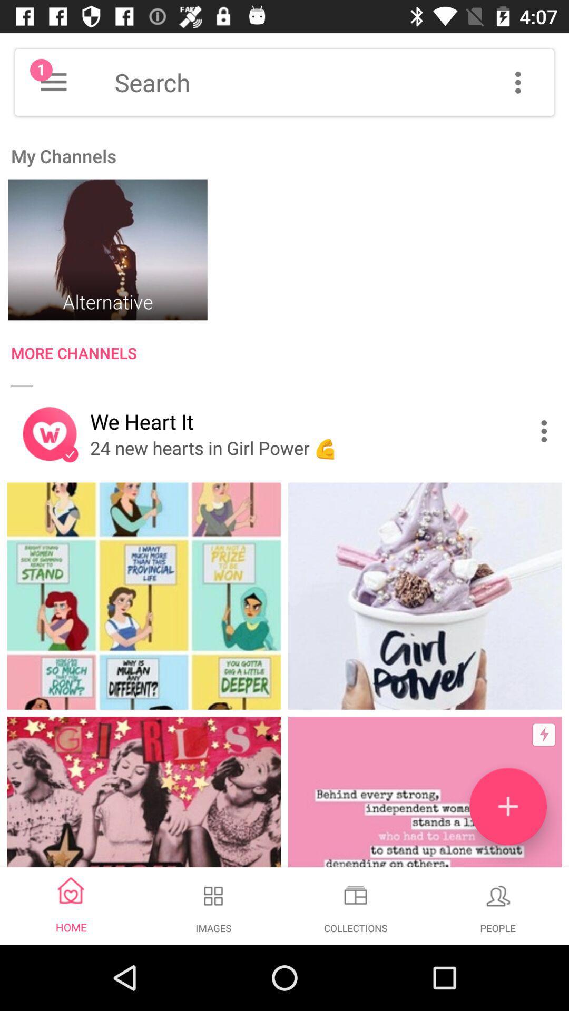 The image size is (569, 1011). What do you see at coordinates (424, 596) in the screenshot?
I see `the picture above the plus button` at bounding box center [424, 596].